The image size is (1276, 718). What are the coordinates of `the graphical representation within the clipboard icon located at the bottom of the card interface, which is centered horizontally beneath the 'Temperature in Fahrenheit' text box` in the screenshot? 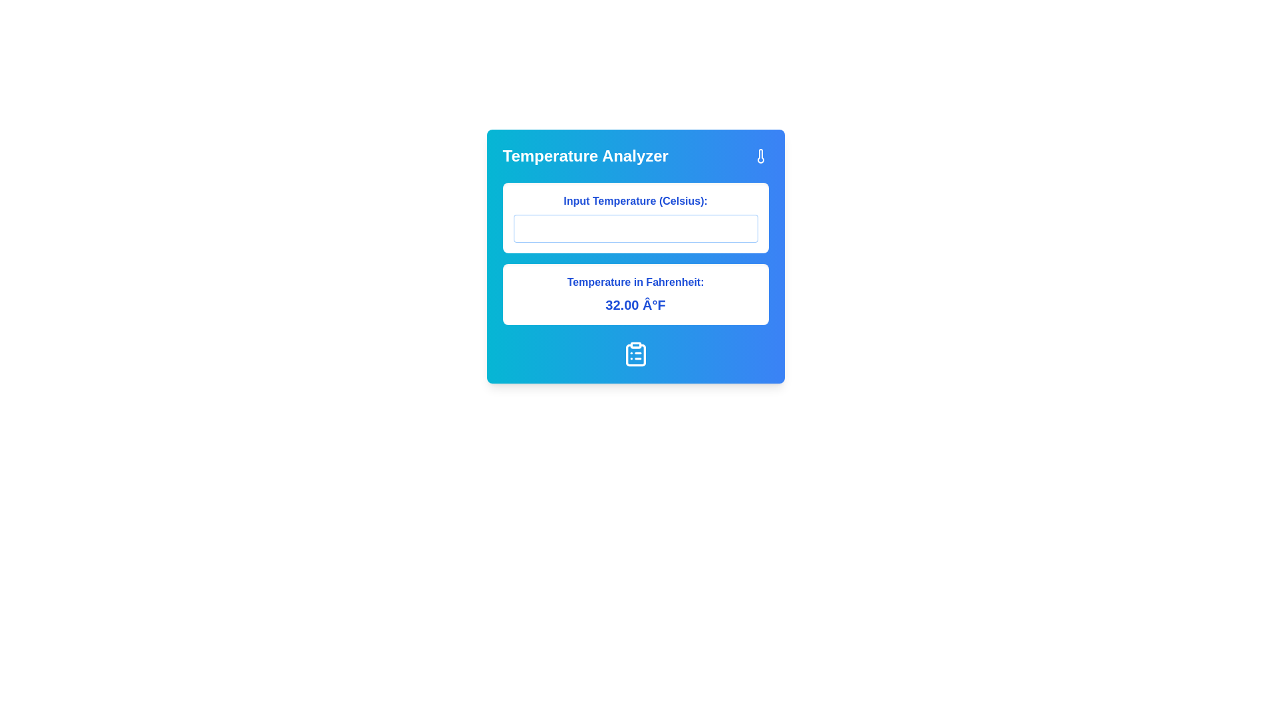 It's located at (635, 354).